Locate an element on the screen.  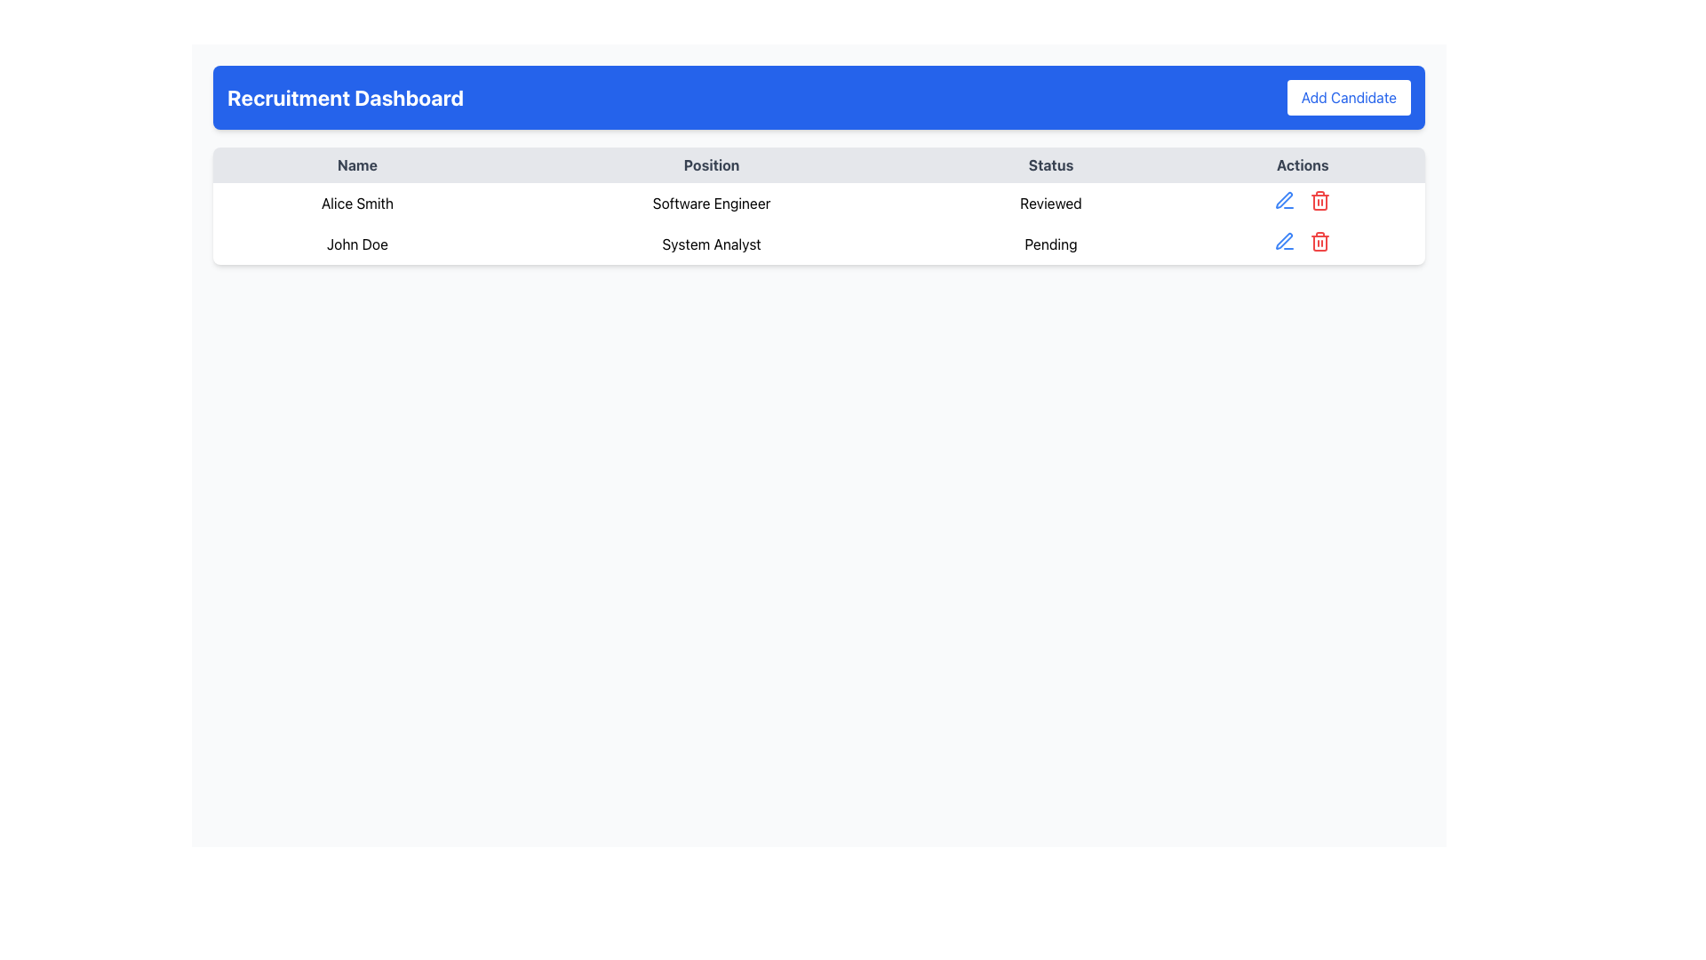
the edit pen icon located in the actions column of the second row of the table, aligned with 'Pending' status for 'John Doe' is located at coordinates (1285, 242).